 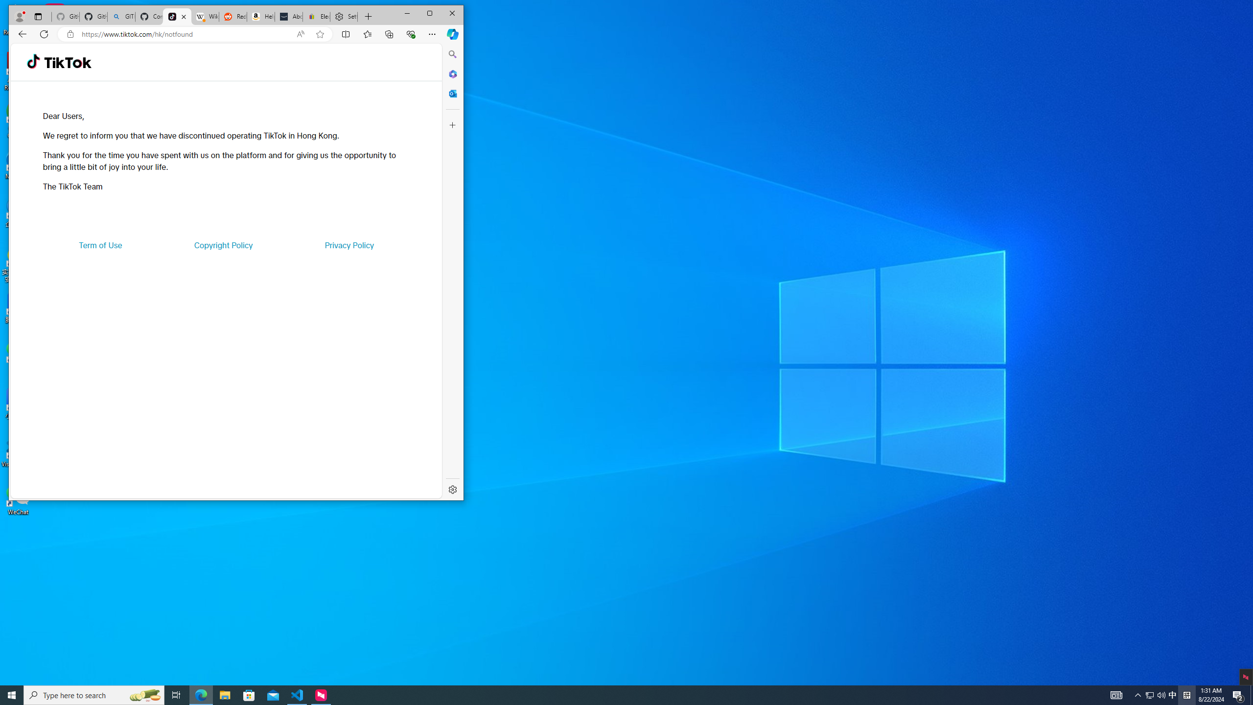 I want to click on 'Reddit - Dive into anything', so click(x=232, y=17).